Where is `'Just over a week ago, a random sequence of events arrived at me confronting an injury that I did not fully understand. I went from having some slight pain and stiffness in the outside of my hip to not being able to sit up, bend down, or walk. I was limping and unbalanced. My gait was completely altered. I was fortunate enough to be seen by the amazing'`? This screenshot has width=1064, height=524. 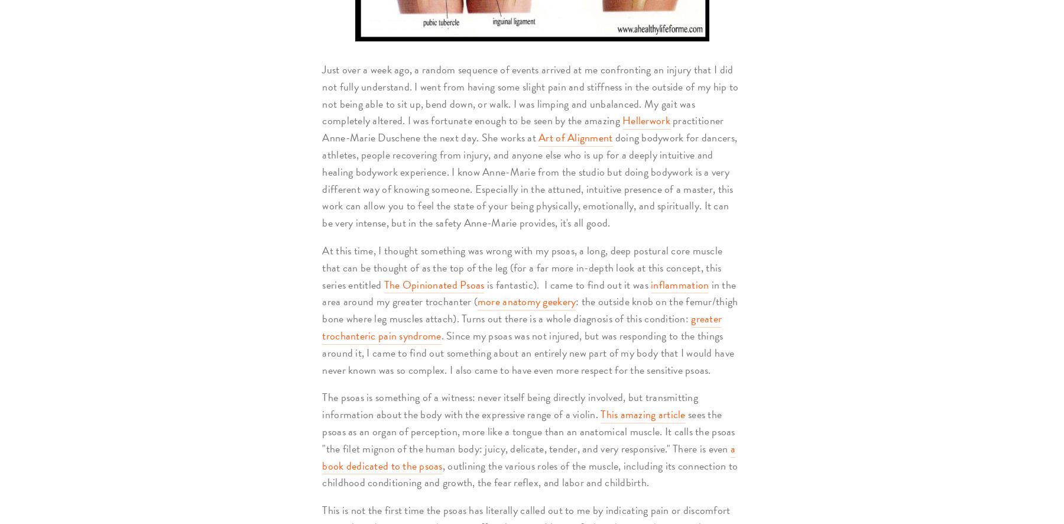
'Just over a week ago, a random sequence of events arrived at me confronting an injury that I did not fully understand. I went from having some slight pain and stiffness in the outside of my hip to not being able to sit up, bend down, or walk. I was limping and unbalanced. My gait was completely altered. I was fortunate enough to be seen by the amazing' is located at coordinates (530, 94).